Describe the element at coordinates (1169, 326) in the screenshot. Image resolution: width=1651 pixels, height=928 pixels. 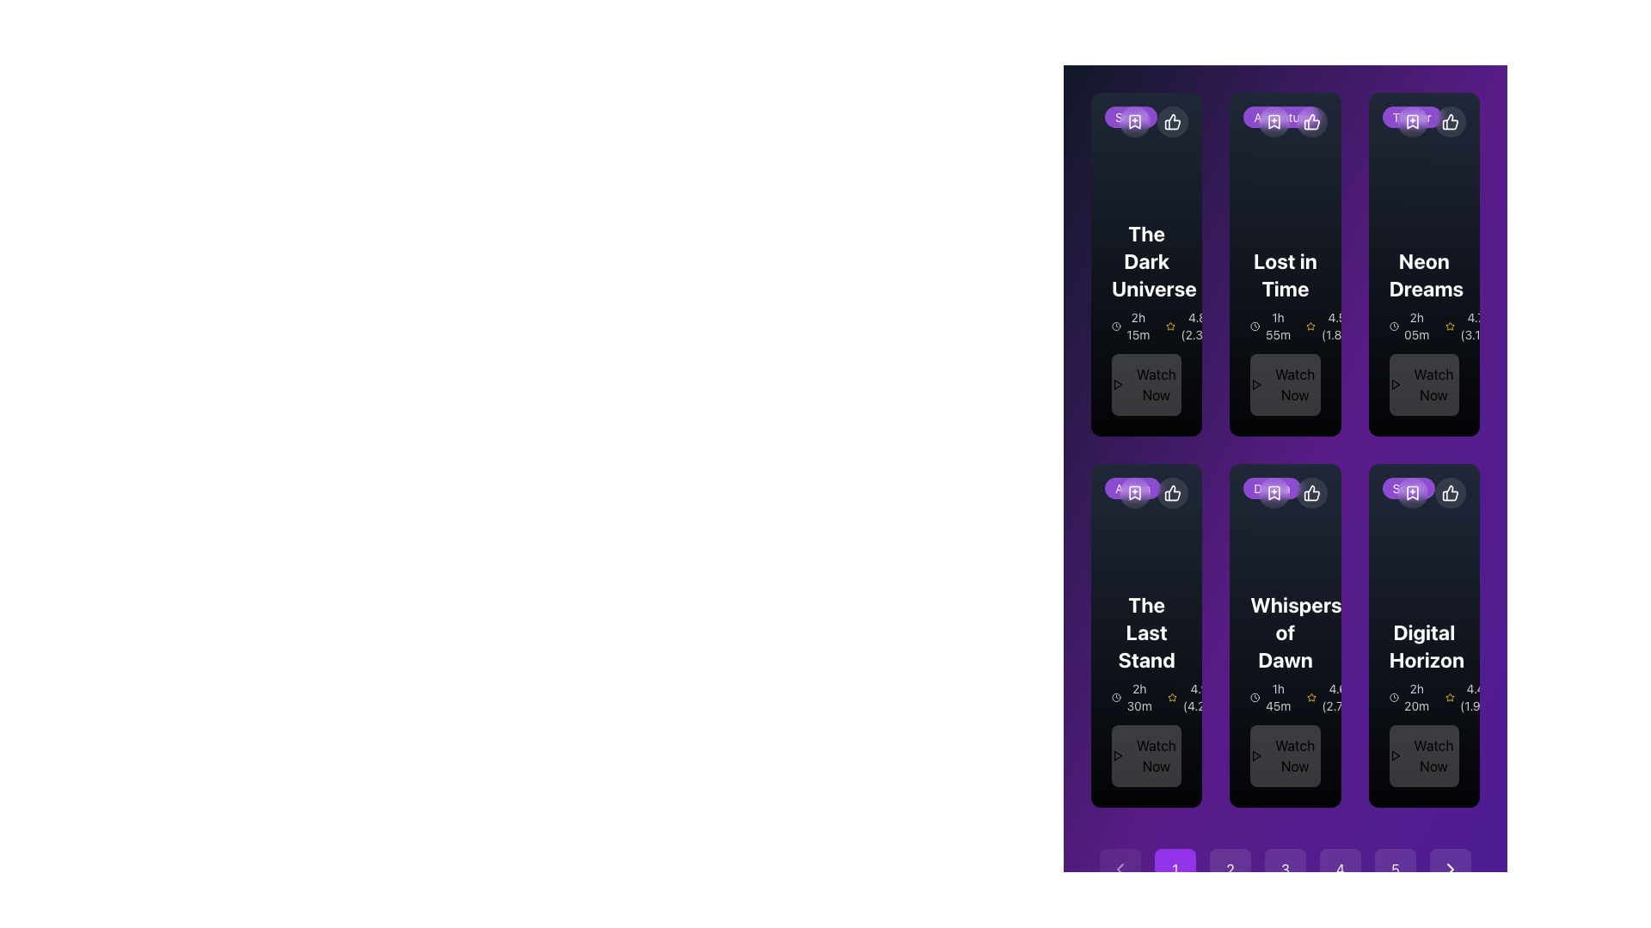
I see `the third star icon in the numeric rating display for 'The Dark Universe', which is styled in yellow and positioned next to the rating value '4.8'` at that location.